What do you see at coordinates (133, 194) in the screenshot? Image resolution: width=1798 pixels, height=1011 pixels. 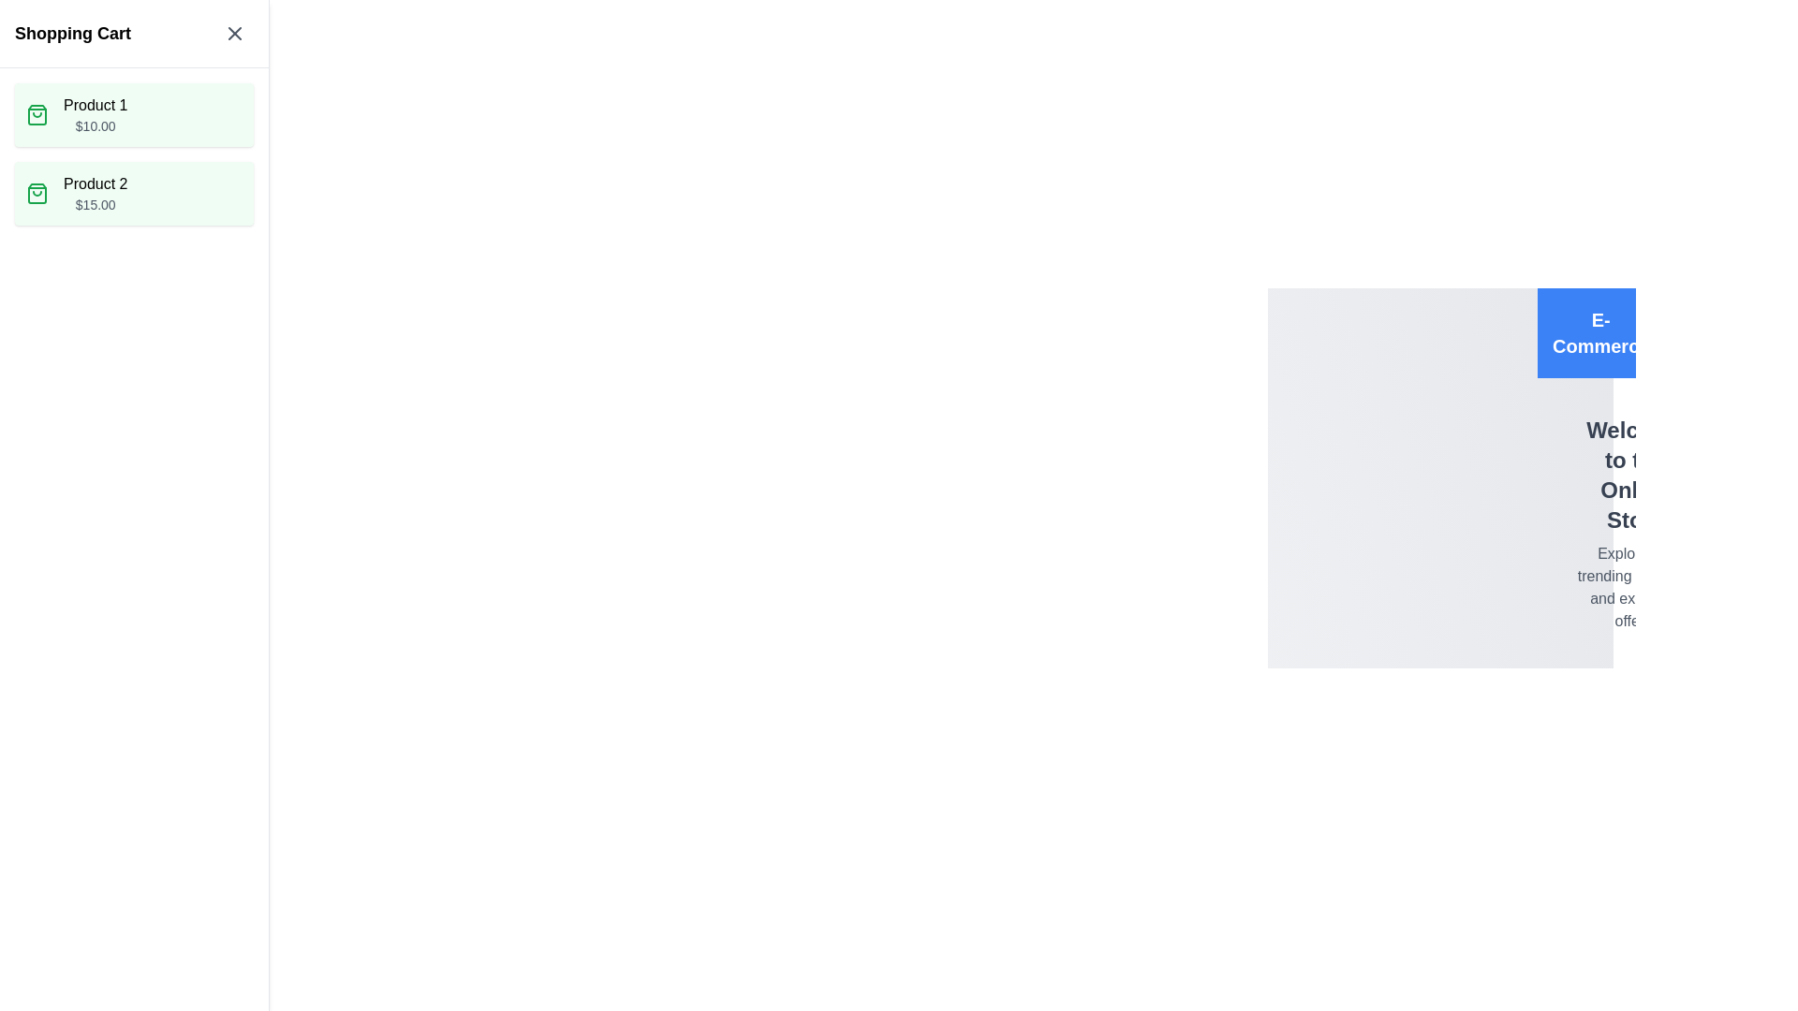 I see `the Card component representing a product in the shopping cart, located below 'Product 1 $10.00' in the 'Shopping Cart' sidebar` at bounding box center [133, 194].